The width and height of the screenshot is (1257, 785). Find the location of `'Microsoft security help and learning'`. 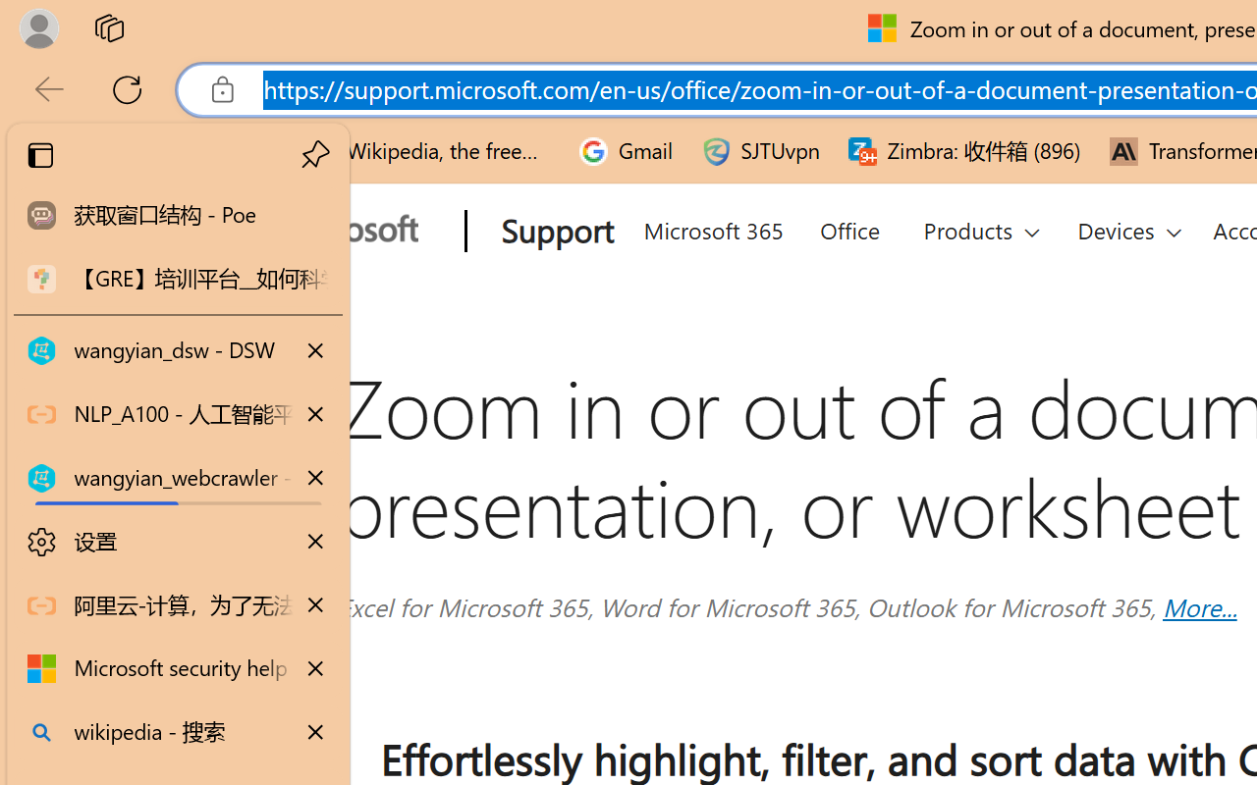

'Microsoft security help and learning' is located at coordinates (178, 669).